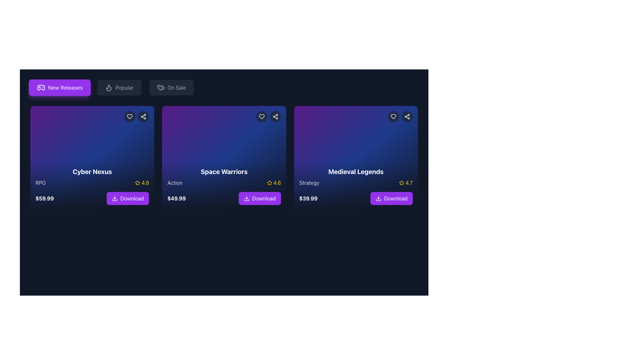 This screenshot has width=626, height=352. What do you see at coordinates (145, 183) in the screenshot?
I see `text displaying the rating '4.8' for the product 'Cyber Nexus', which is located on the right side of a group containing a star icon in the bottom right corner of the first card in a horizontally aligned list of cards` at bounding box center [145, 183].